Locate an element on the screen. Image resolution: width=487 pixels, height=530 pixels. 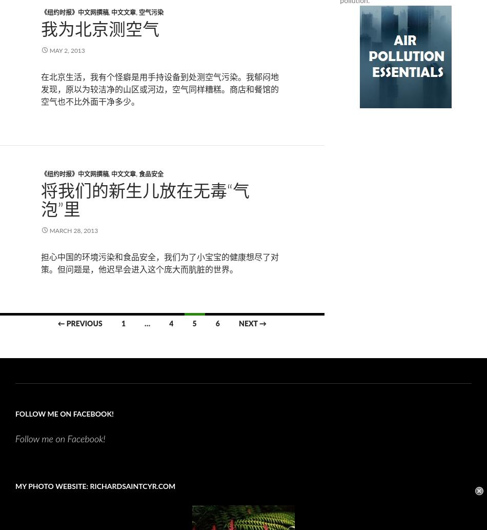
'4' is located at coordinates (171, 323).